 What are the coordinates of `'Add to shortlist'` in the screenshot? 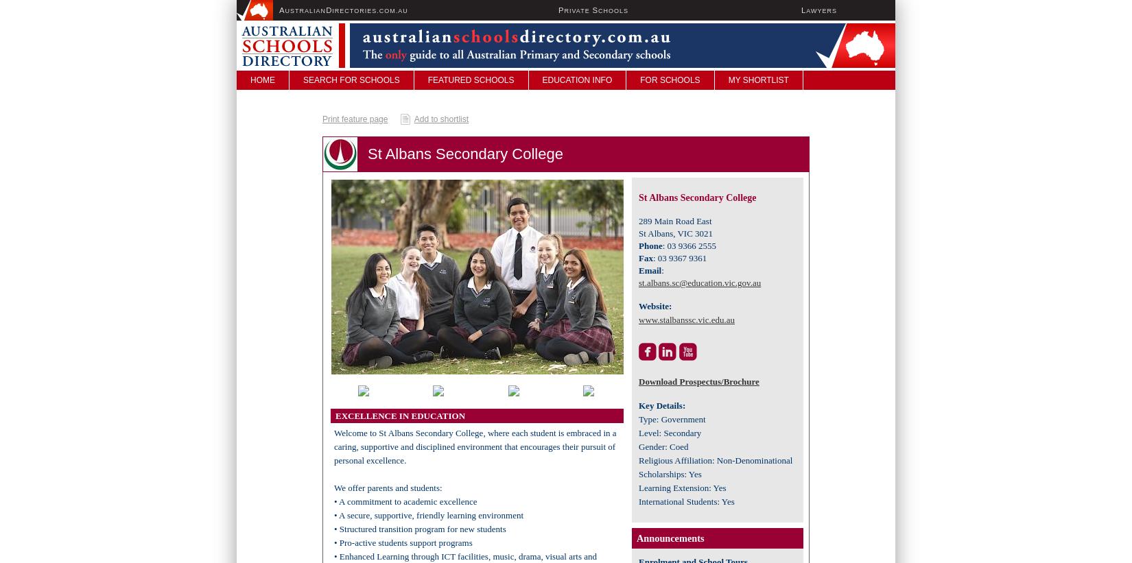 It's located at (413, 119).